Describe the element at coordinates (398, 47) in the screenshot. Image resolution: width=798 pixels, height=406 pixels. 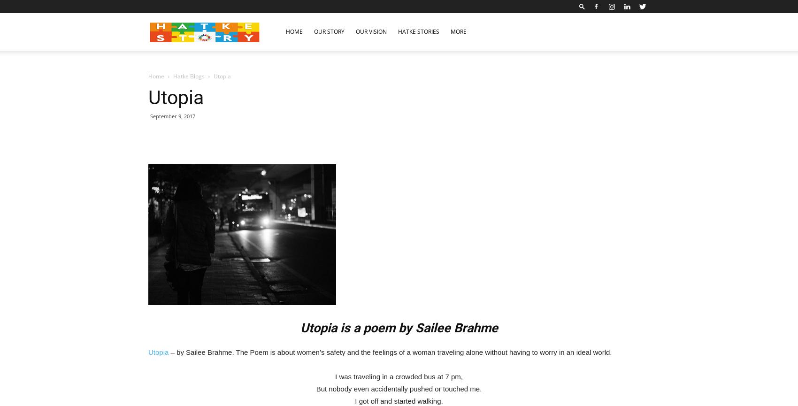
I see `'Search'` at that location.